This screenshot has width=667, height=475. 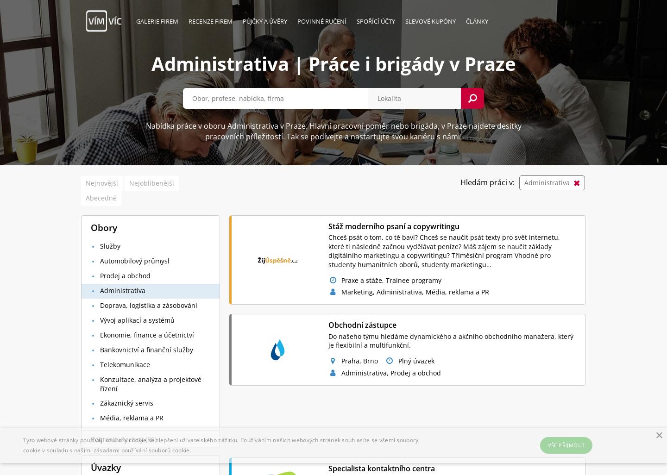 What do you see at coordinates (157, 21) in the screenshot?
I see `'Galerie firem'` at bounding box center [157, 21].